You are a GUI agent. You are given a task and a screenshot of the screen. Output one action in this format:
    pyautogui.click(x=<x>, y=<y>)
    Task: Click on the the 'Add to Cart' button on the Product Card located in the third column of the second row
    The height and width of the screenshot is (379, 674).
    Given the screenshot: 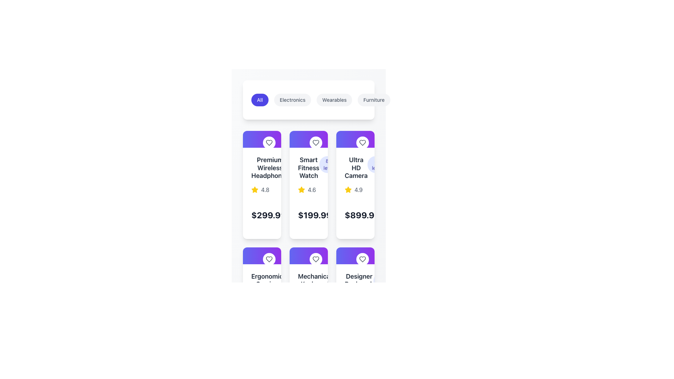 What is the action you would take?
    pyautogui.click(x=355, y=301)
    